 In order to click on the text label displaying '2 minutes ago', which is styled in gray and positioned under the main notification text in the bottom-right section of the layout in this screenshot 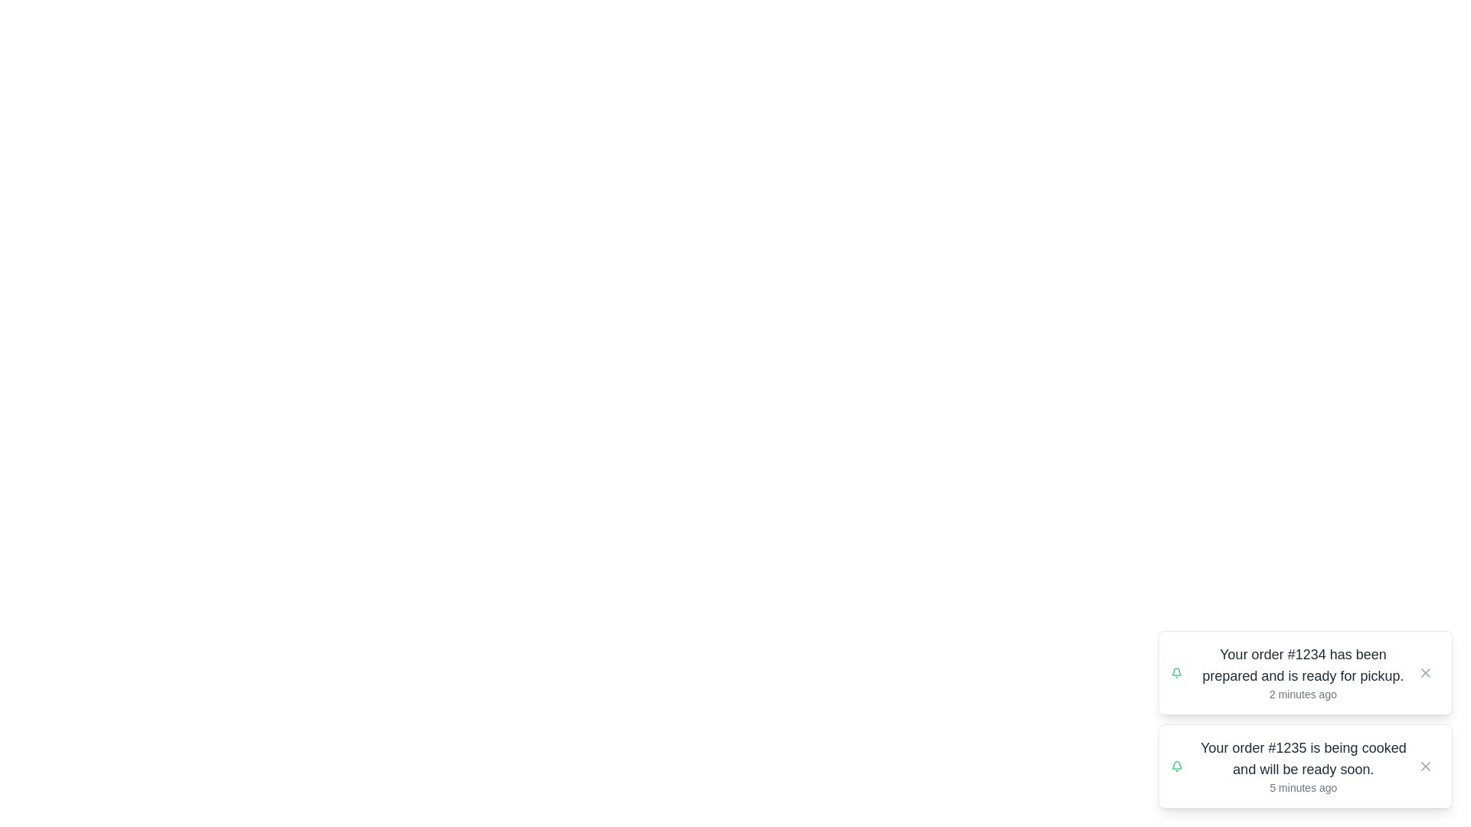, I will do `click(1302, 694)`.